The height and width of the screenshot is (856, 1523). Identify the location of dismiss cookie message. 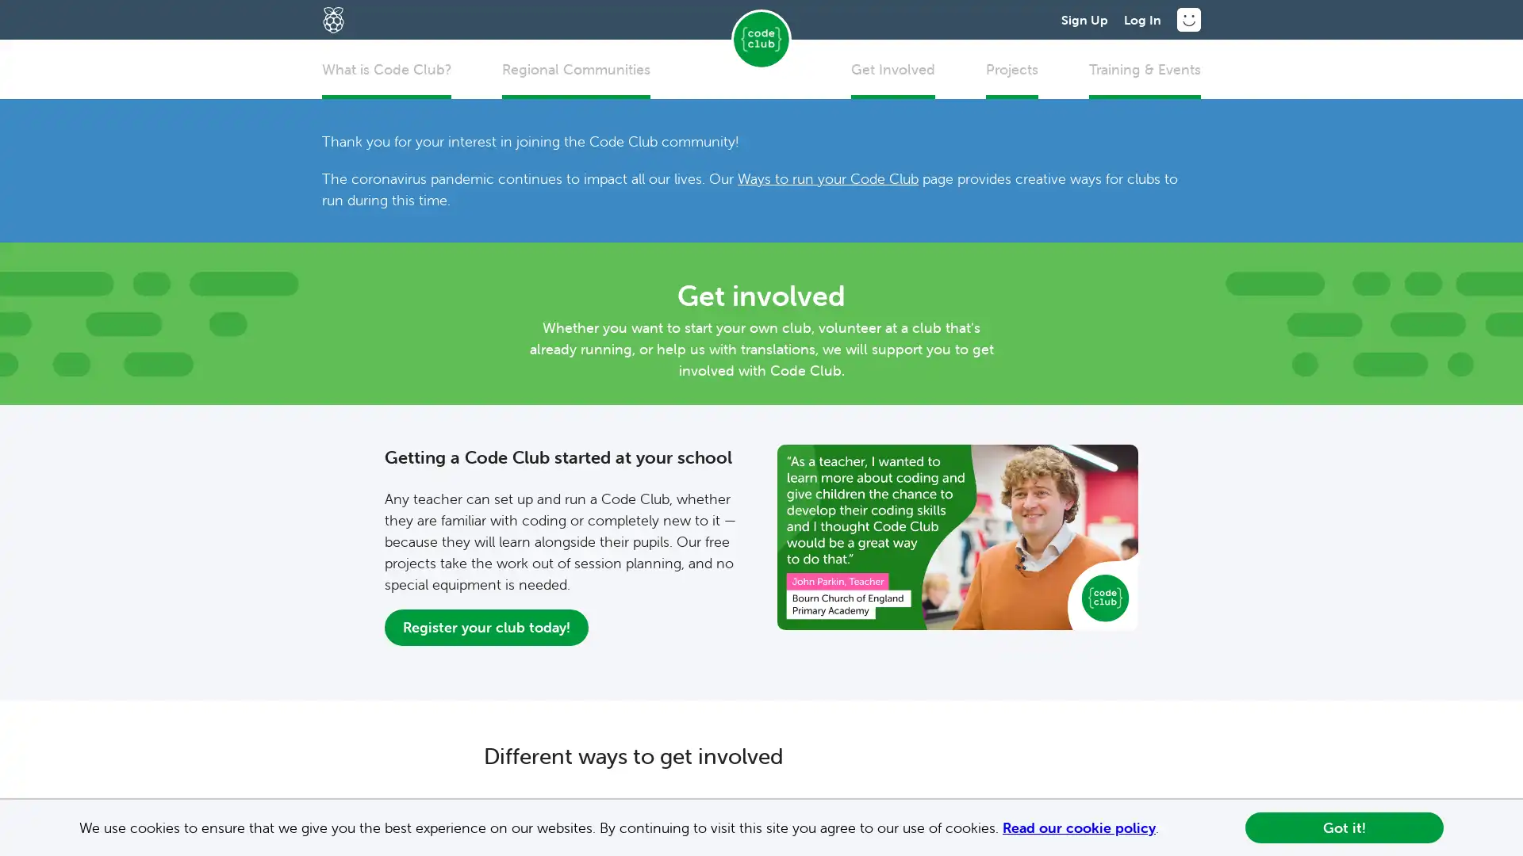
(1343, 827).